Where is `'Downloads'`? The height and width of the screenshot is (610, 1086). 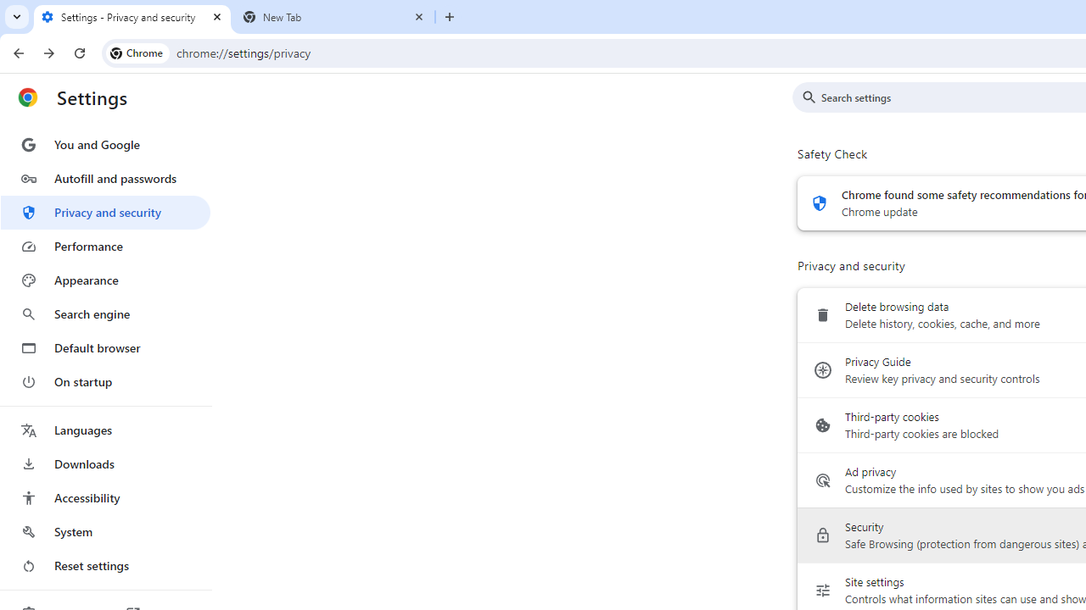
'Downloads' is located at coordinates (104, 463).